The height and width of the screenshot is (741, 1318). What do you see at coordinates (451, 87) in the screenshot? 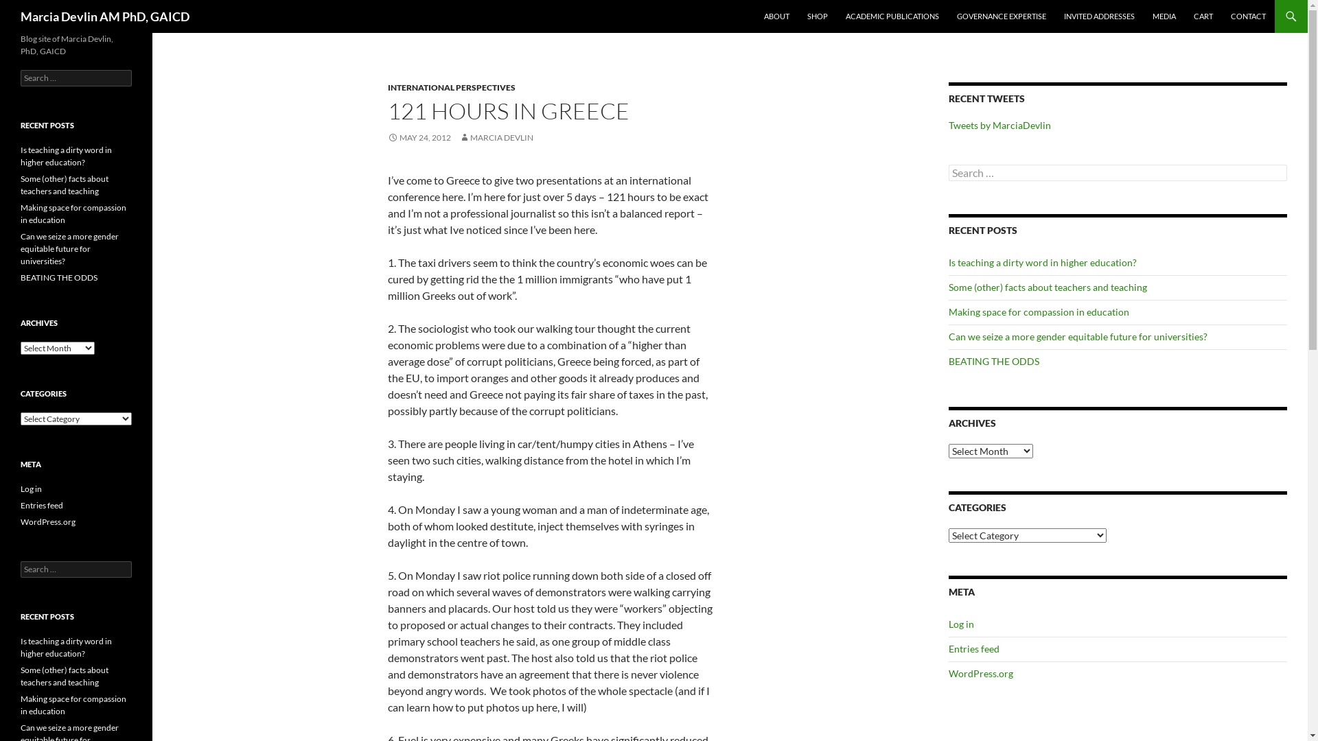
I see `'INTERNATIONAL PERSPECTIVES'` at bounding box center [451, 87].